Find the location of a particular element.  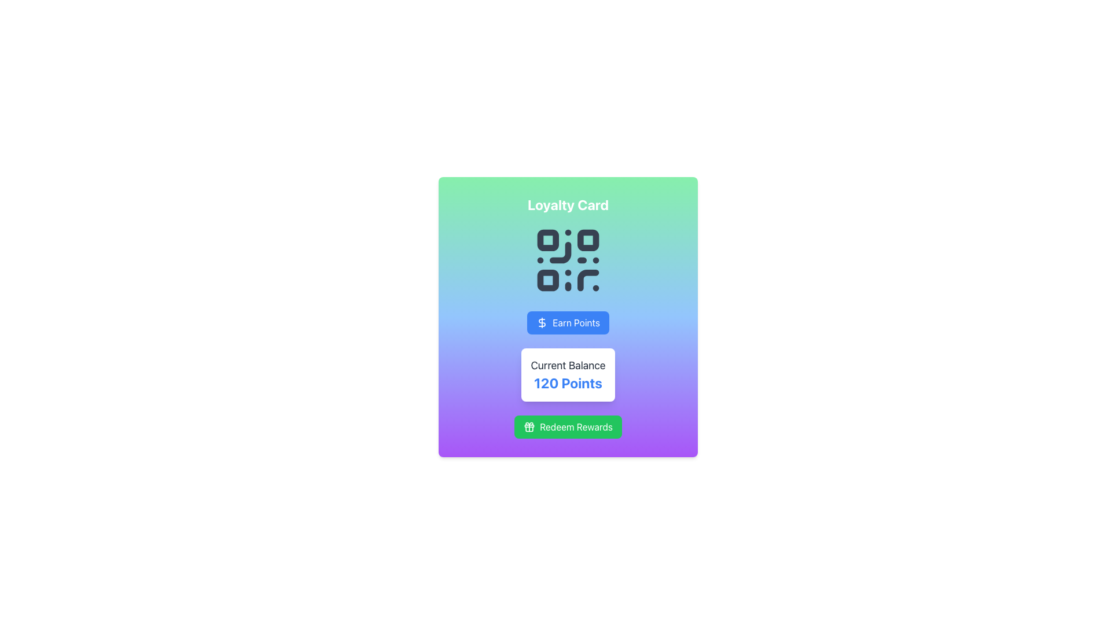

the blue button labeled 'Earn Points' with a dollar sign icon is located at coordinates (568, 323).